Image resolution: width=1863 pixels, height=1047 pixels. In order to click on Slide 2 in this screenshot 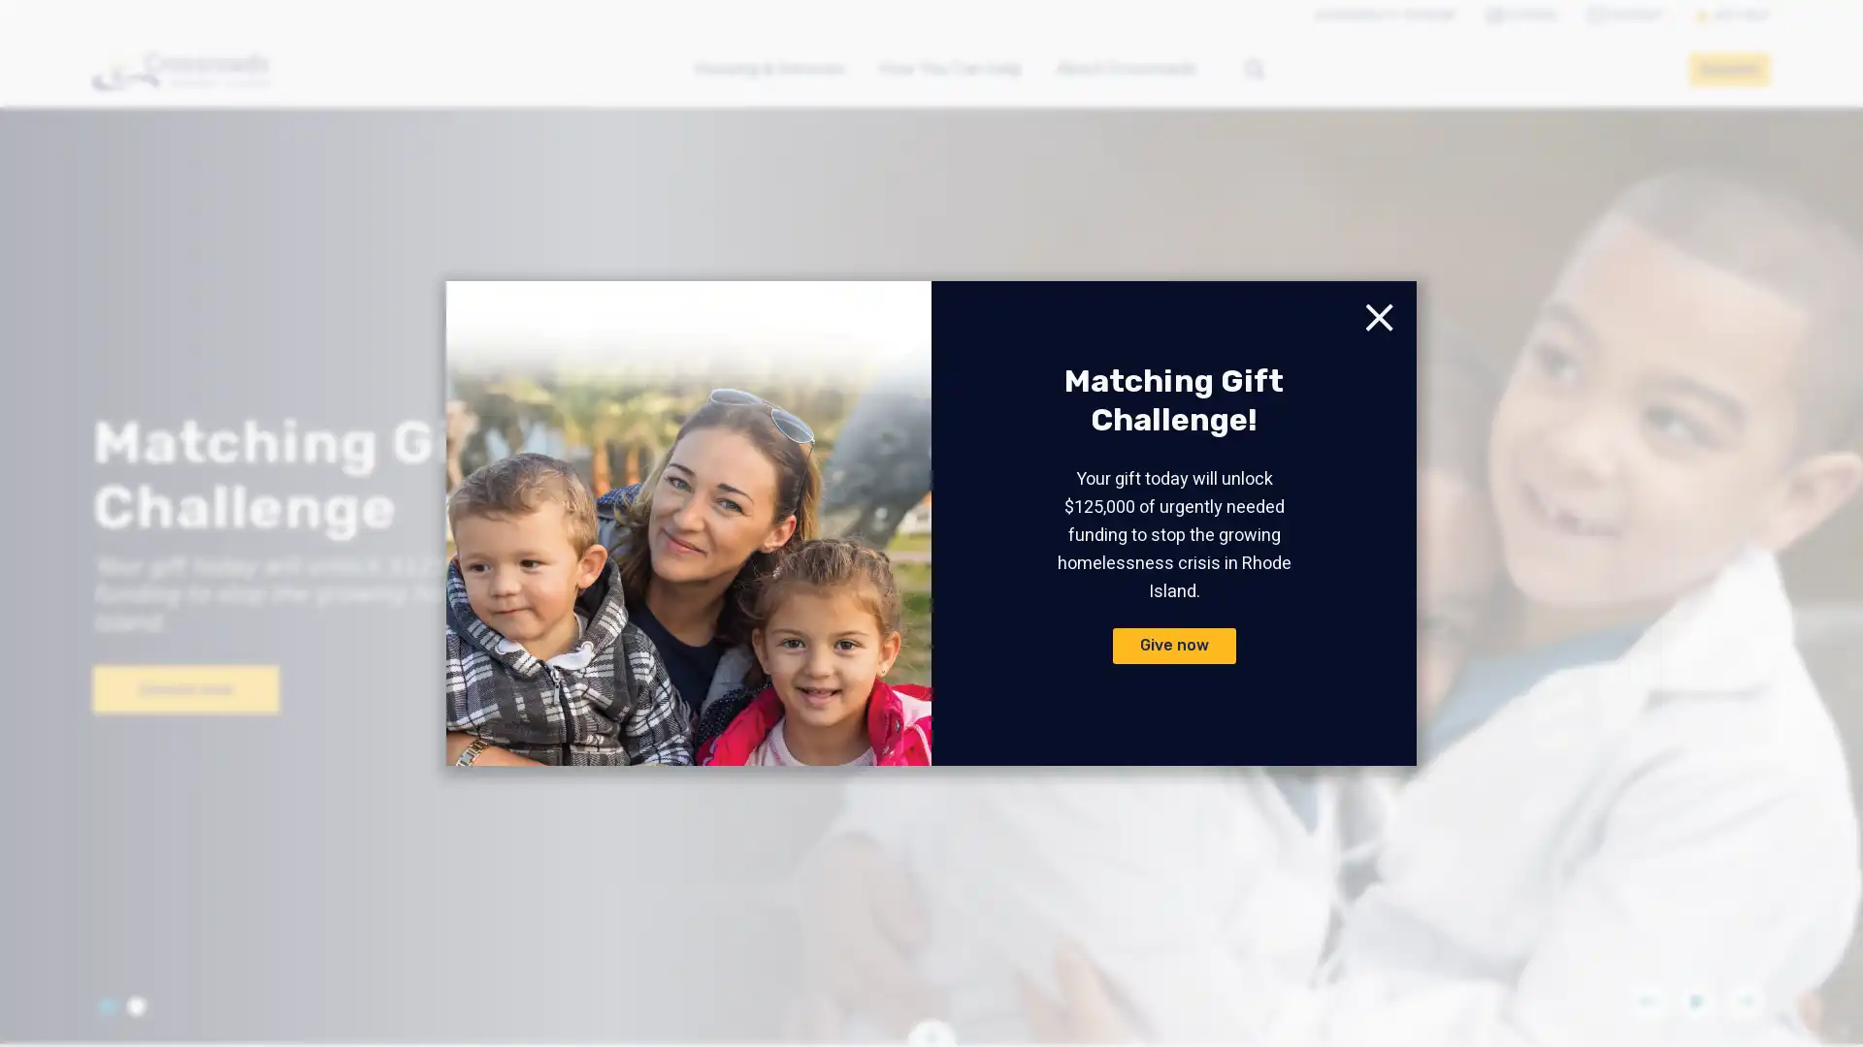, I will do `click(134, 1004)`.